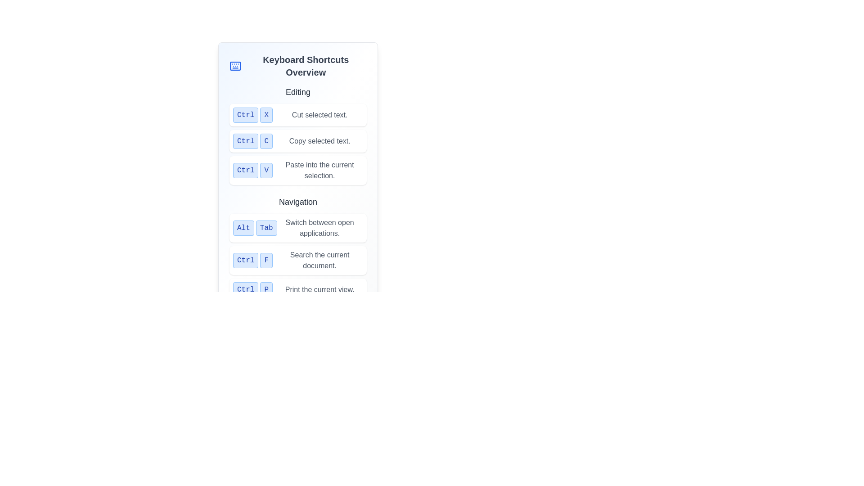 Image resolution: width=864 pixels, height=486 pixels. I want to click on the blue buttons labeled 'Ctrl' and 'C' in the keyboard shortcuts list under the 'Editing' section, positioned between 'Ctrl X' and 'Ctrl V', so click(254, 141).